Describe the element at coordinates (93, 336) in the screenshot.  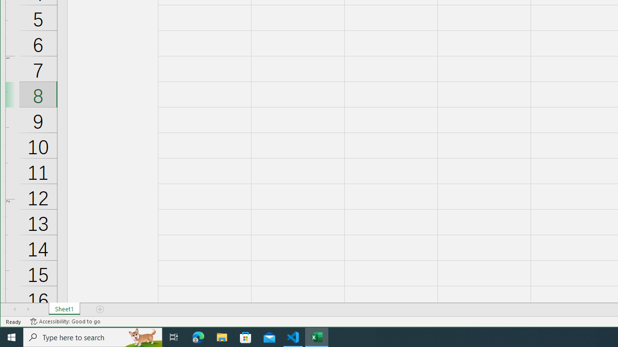
I see `'Type here to search'` at that location.